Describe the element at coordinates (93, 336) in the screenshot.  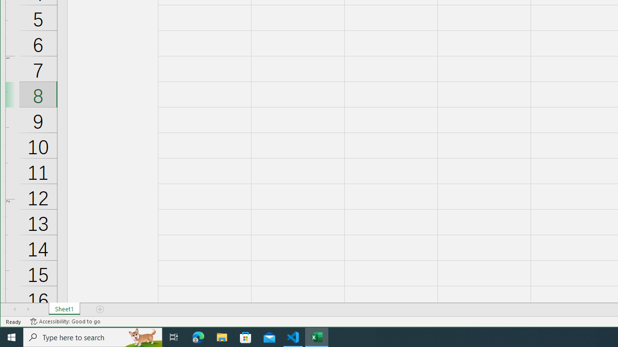
I see `'Type here to search'` at that location.